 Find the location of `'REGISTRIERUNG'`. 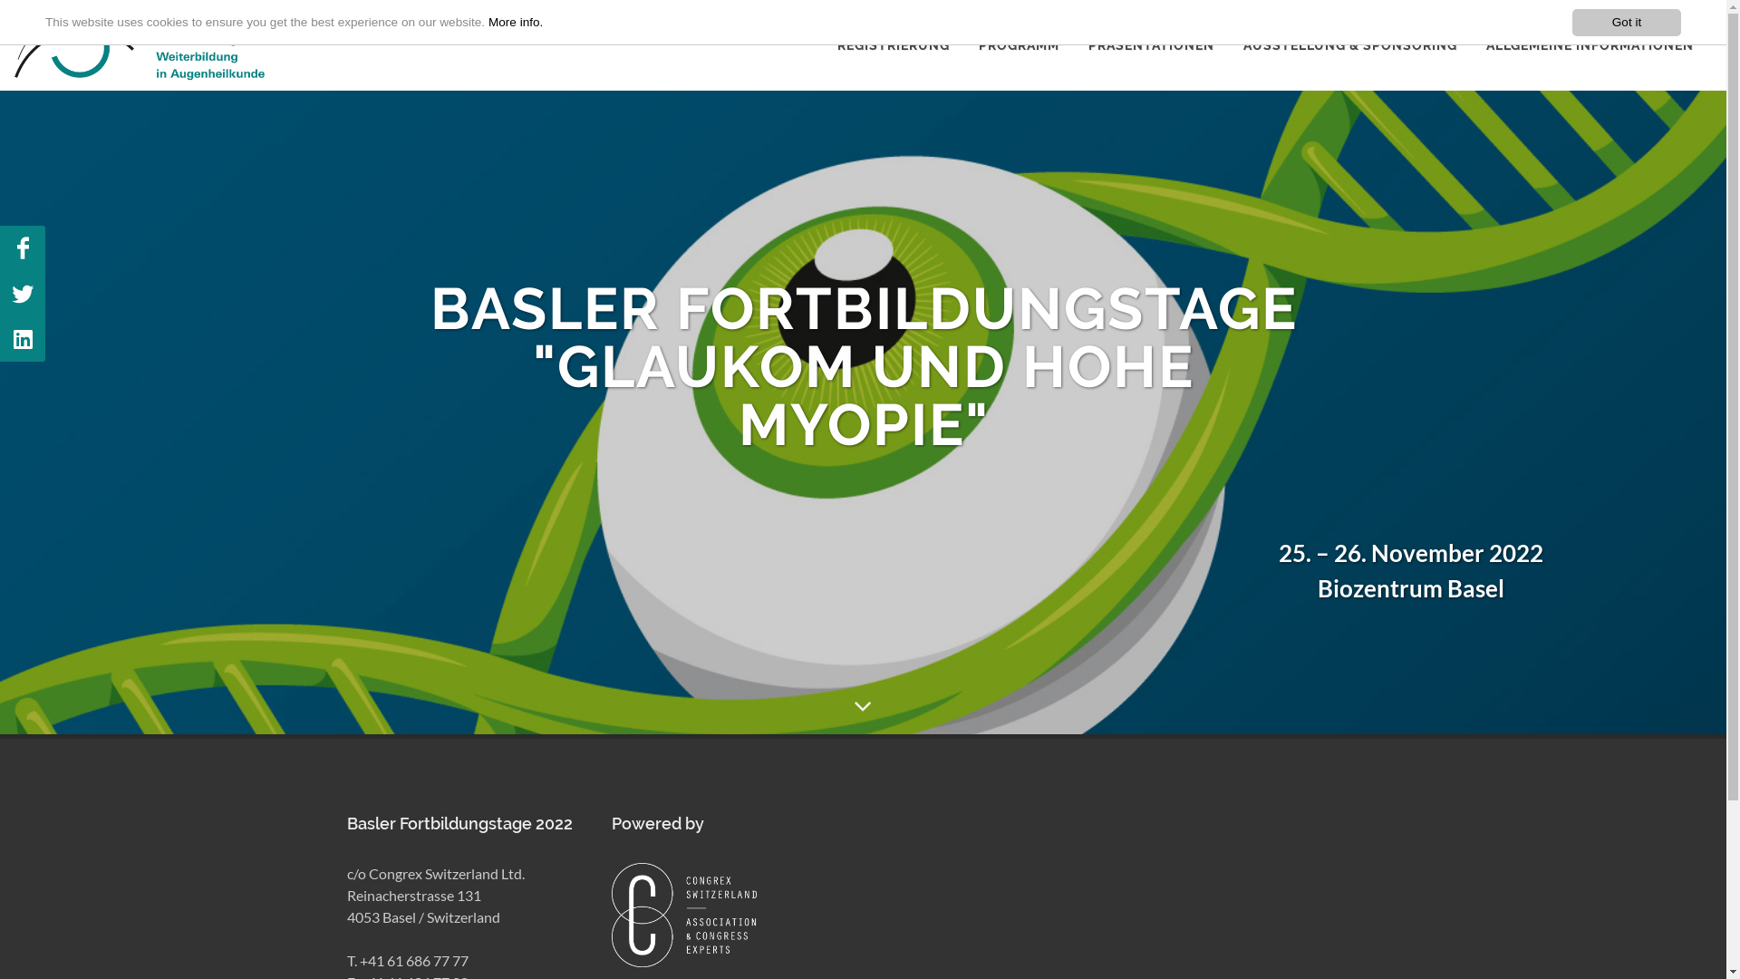

'REGISTRIERUNG' is located at coordinates (893, 44).